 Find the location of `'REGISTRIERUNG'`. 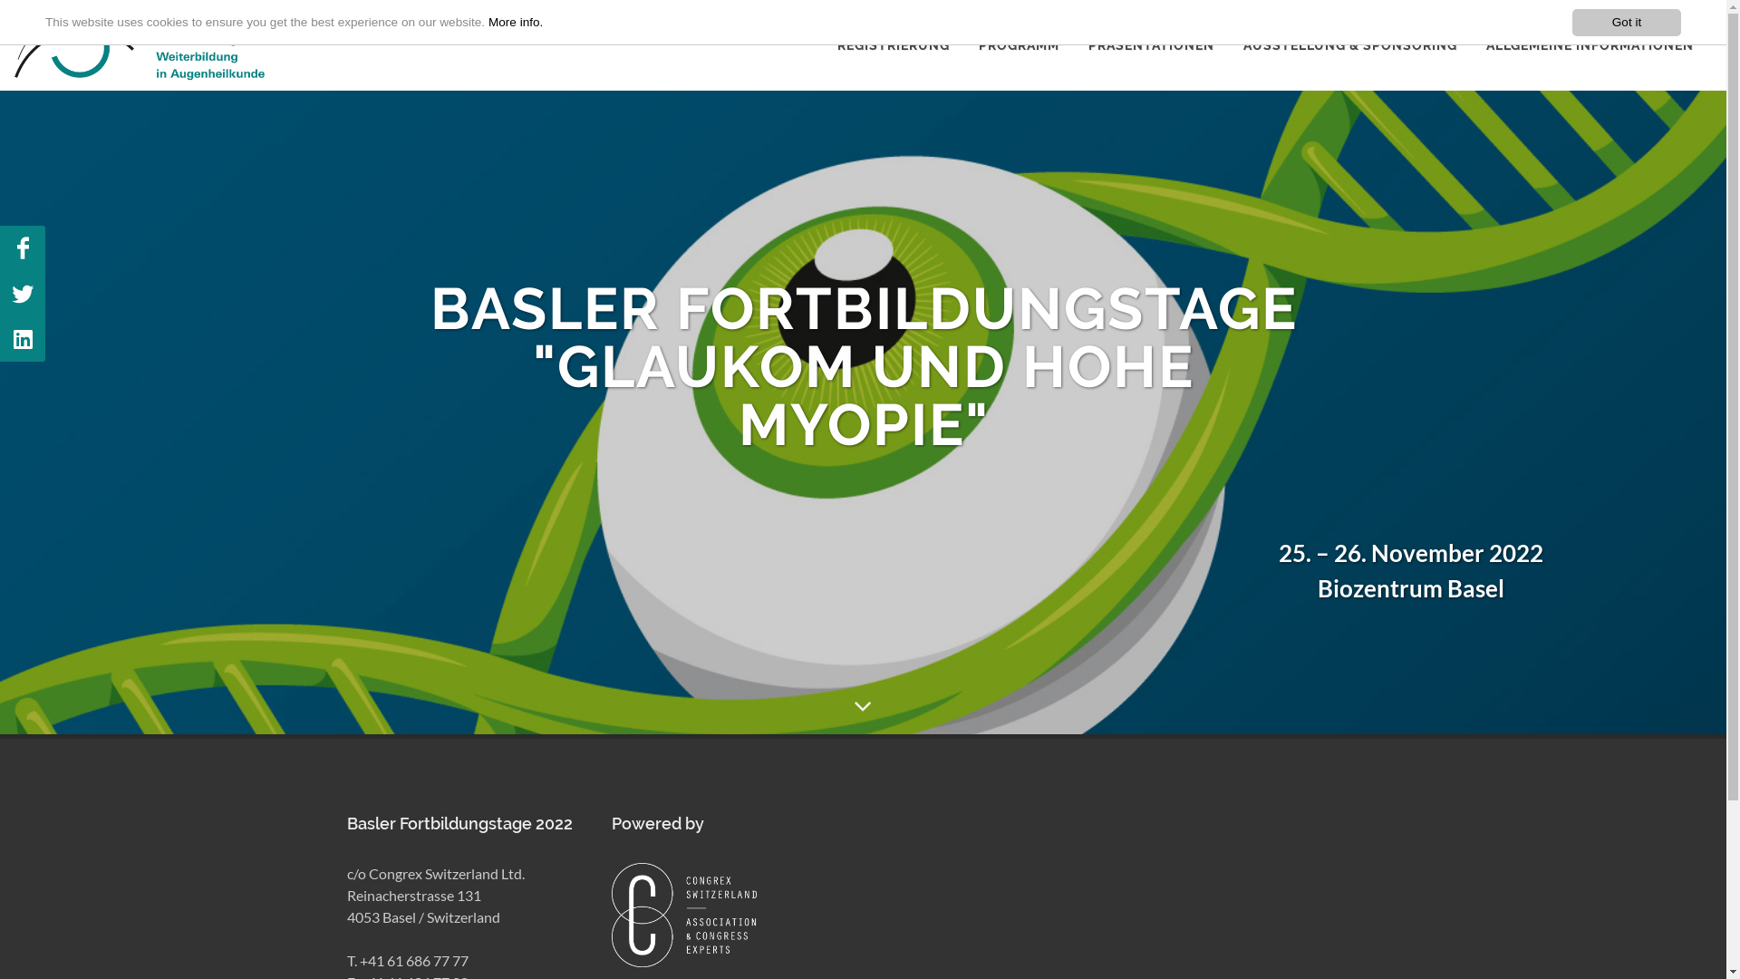

'REGISTRIERUNG' is located at coordinates (893, 44).